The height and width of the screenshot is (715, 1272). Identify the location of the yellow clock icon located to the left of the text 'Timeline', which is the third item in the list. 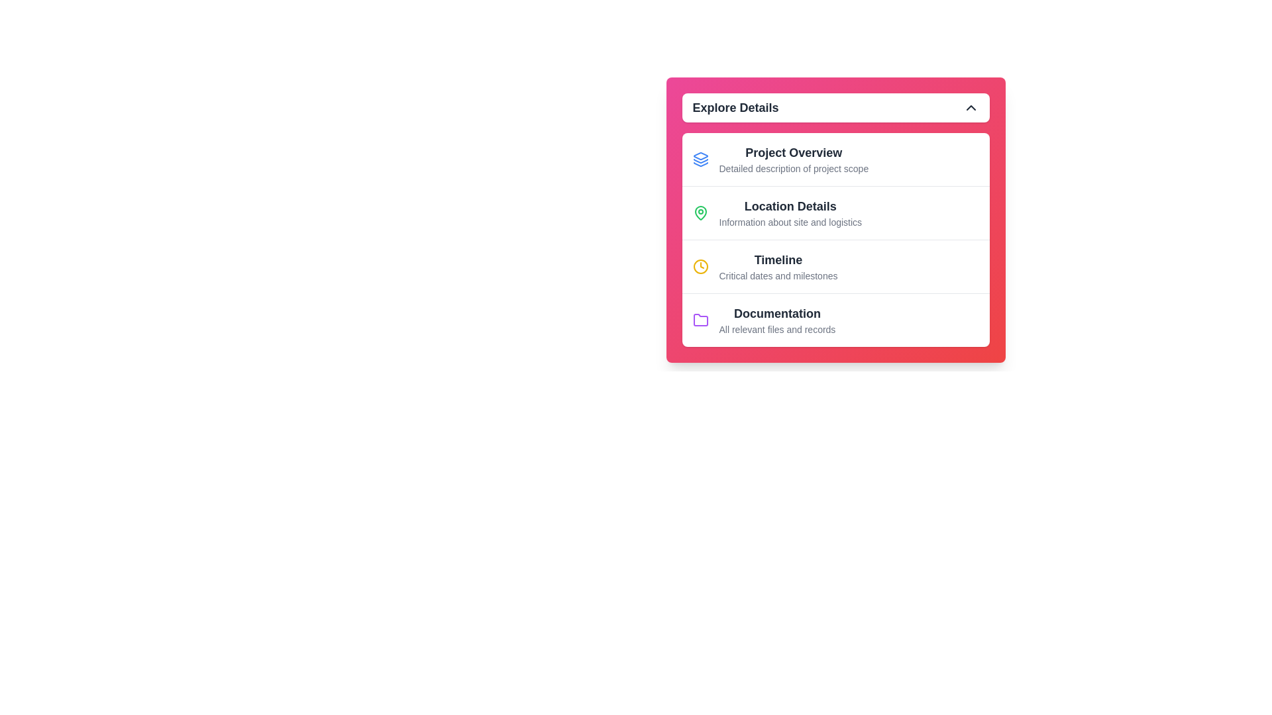
(700, 266).